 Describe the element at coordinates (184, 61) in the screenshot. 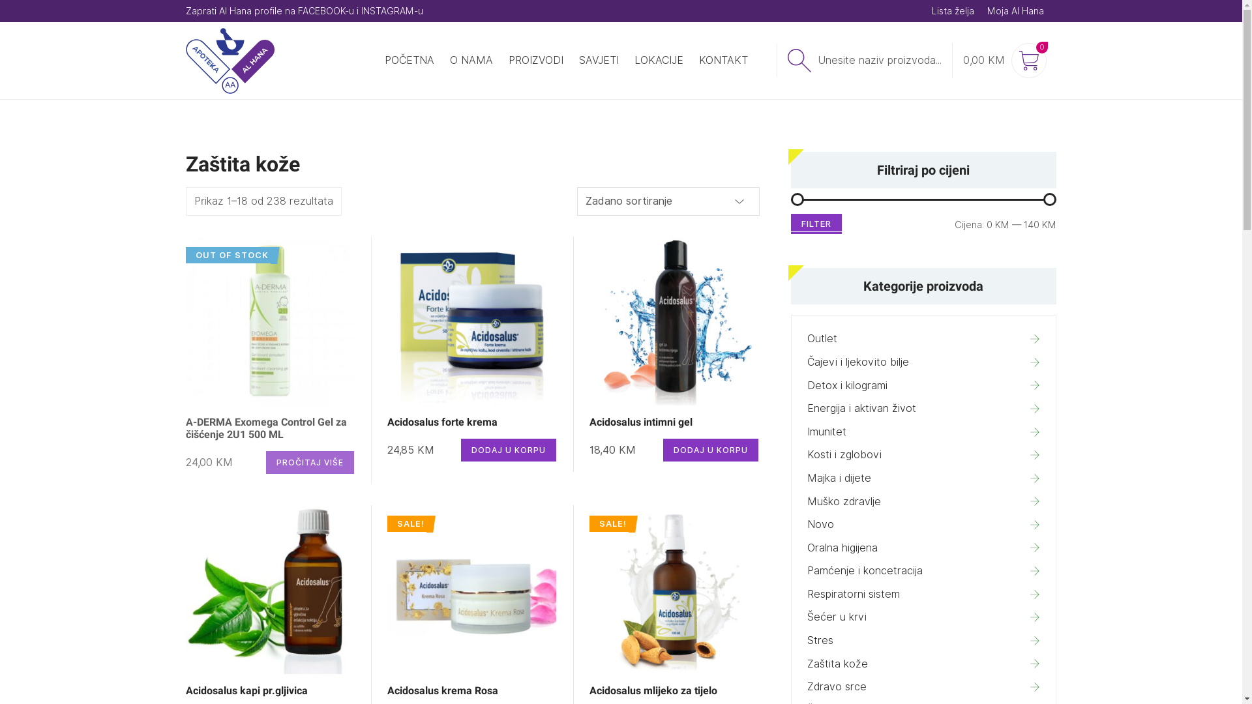

I see `'Apoteka Al Hana'` at that location.